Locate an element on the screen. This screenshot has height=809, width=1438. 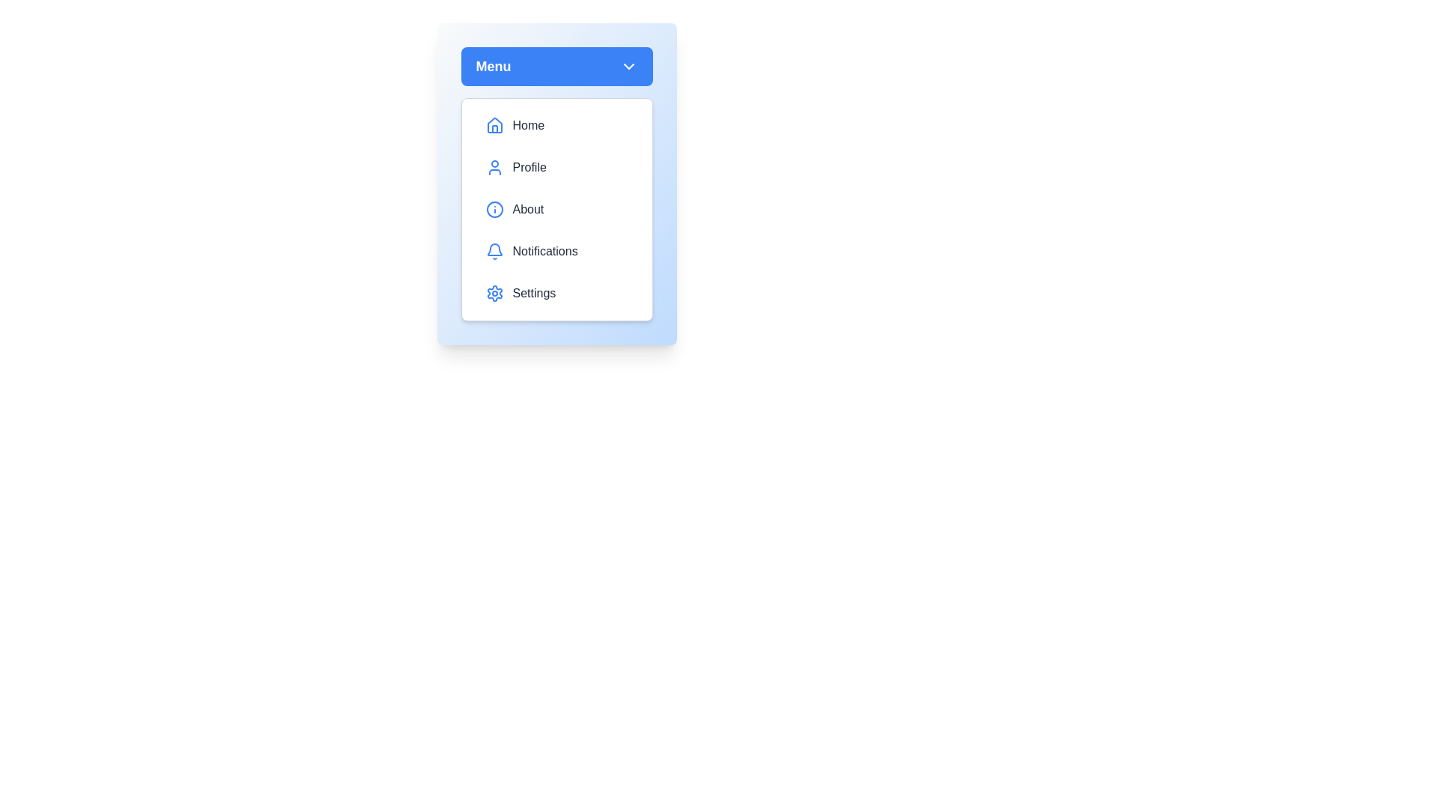
the menu button to toggle its state is located at coordinates (556, 65).